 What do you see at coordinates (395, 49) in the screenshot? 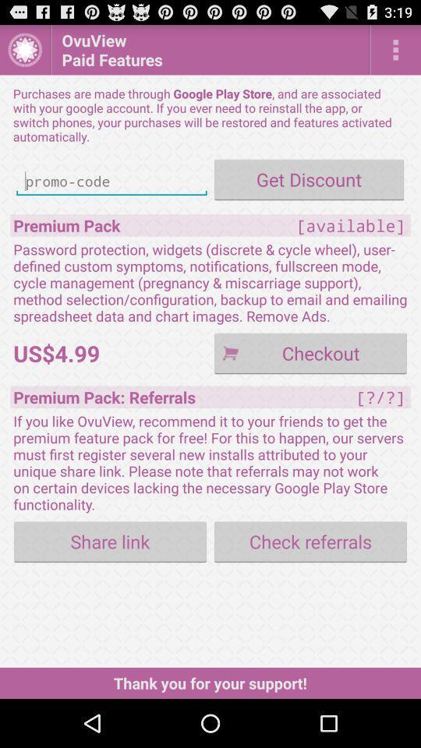
I see `side manu button` at bounding box center [395, 49].